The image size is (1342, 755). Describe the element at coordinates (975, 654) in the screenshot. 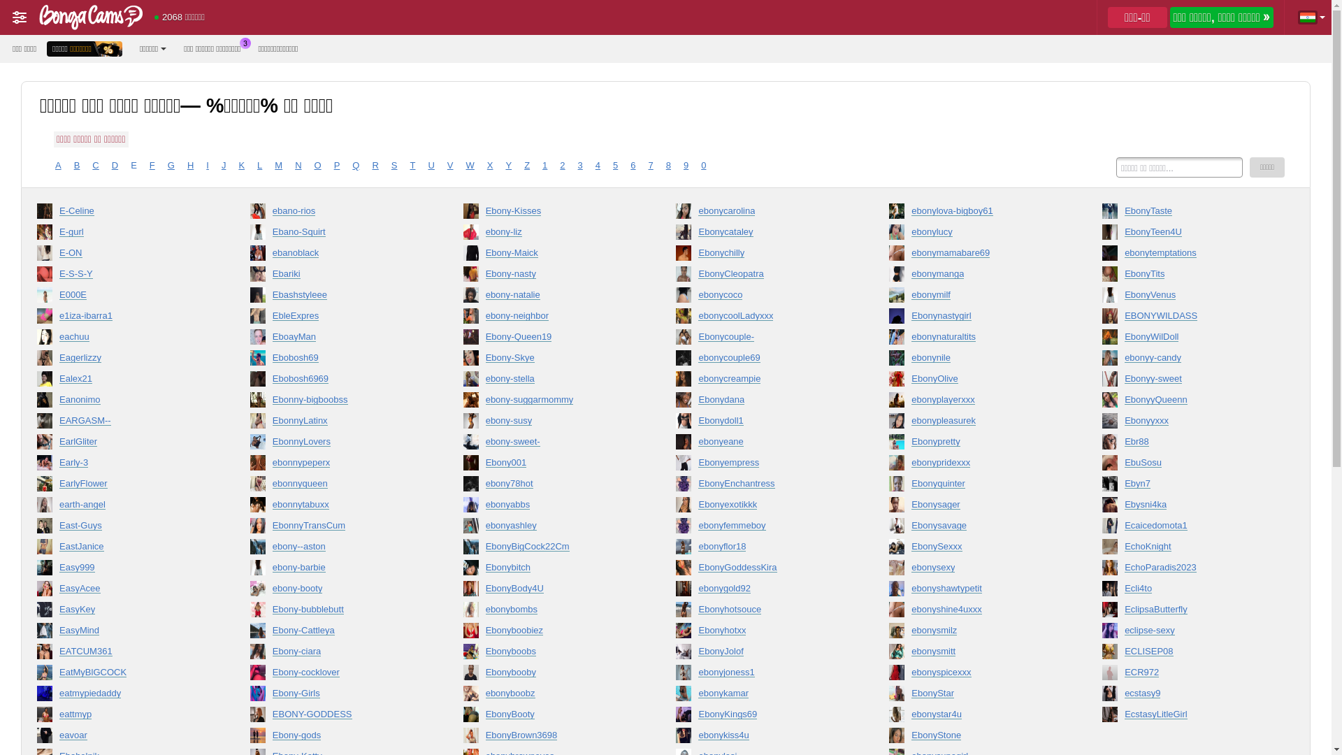

I see `'ebonysmitt'` at that location.